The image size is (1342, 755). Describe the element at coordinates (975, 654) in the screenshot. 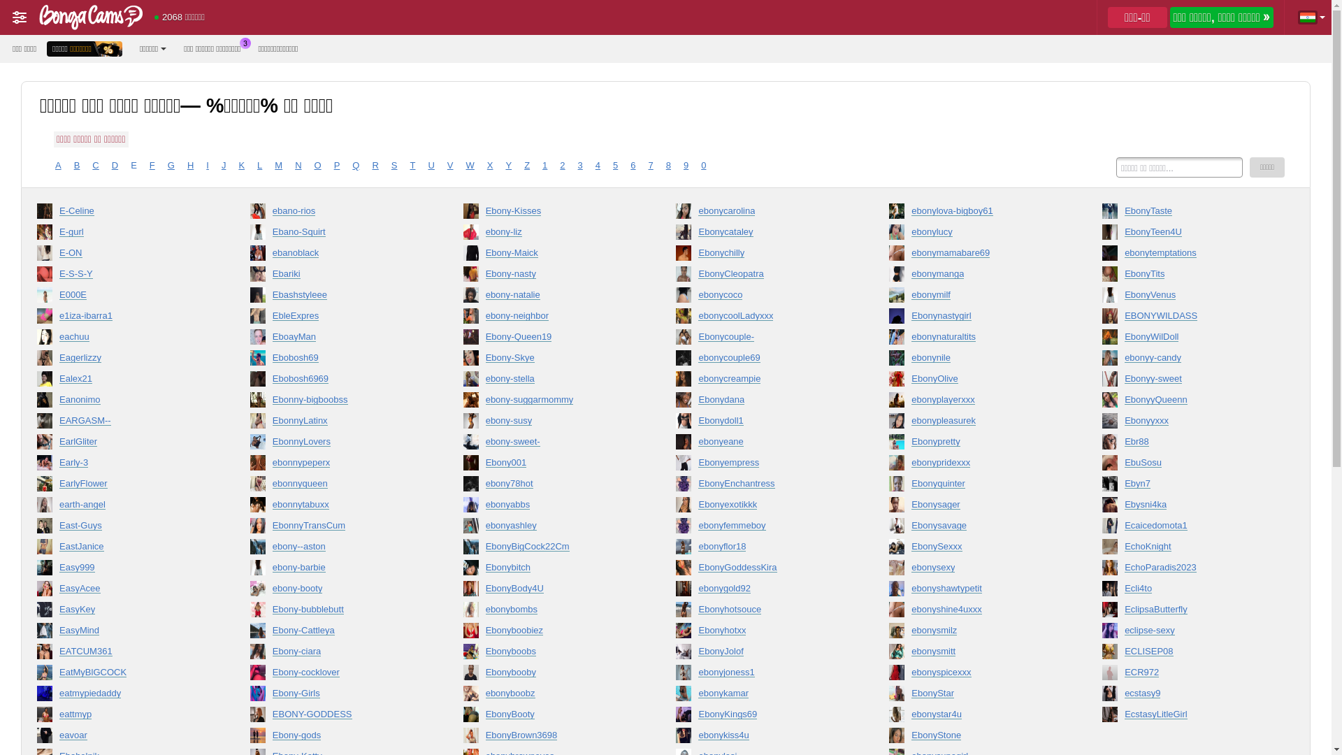

I see `'ebonysmitt'` at that location.